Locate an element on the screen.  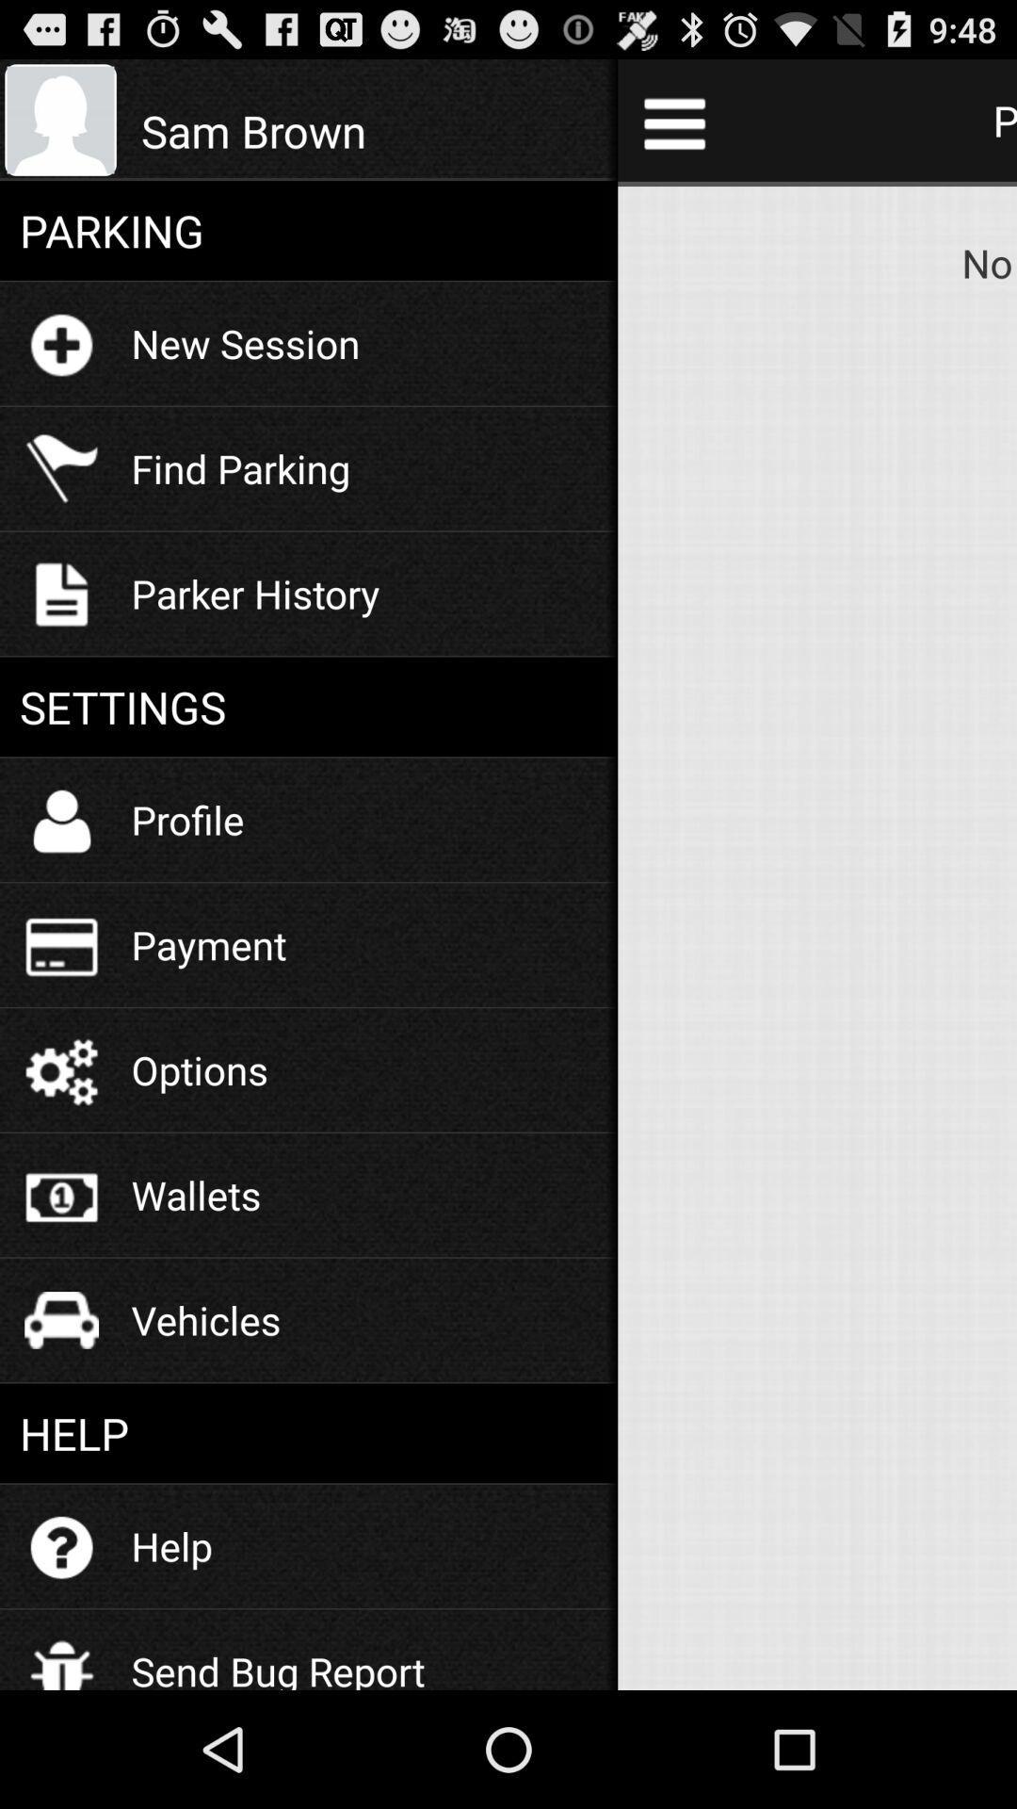
the icon below the parker history is located at coordinates (308, 706).